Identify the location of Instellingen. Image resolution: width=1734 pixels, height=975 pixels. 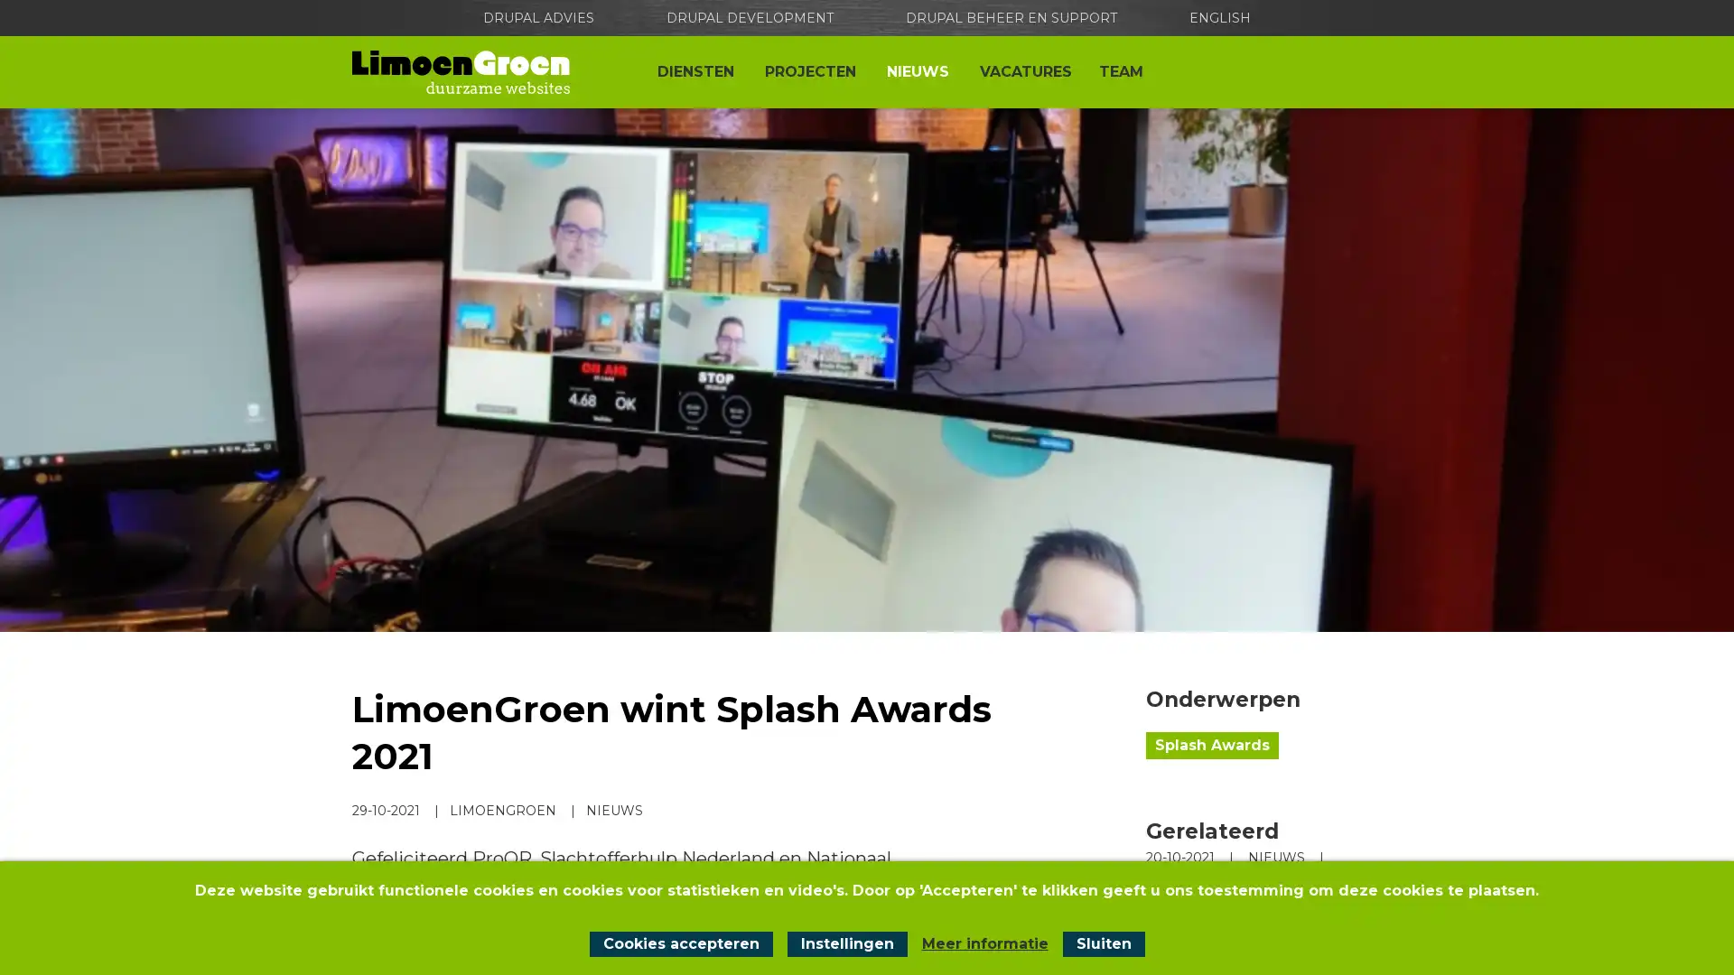
(845, 942).